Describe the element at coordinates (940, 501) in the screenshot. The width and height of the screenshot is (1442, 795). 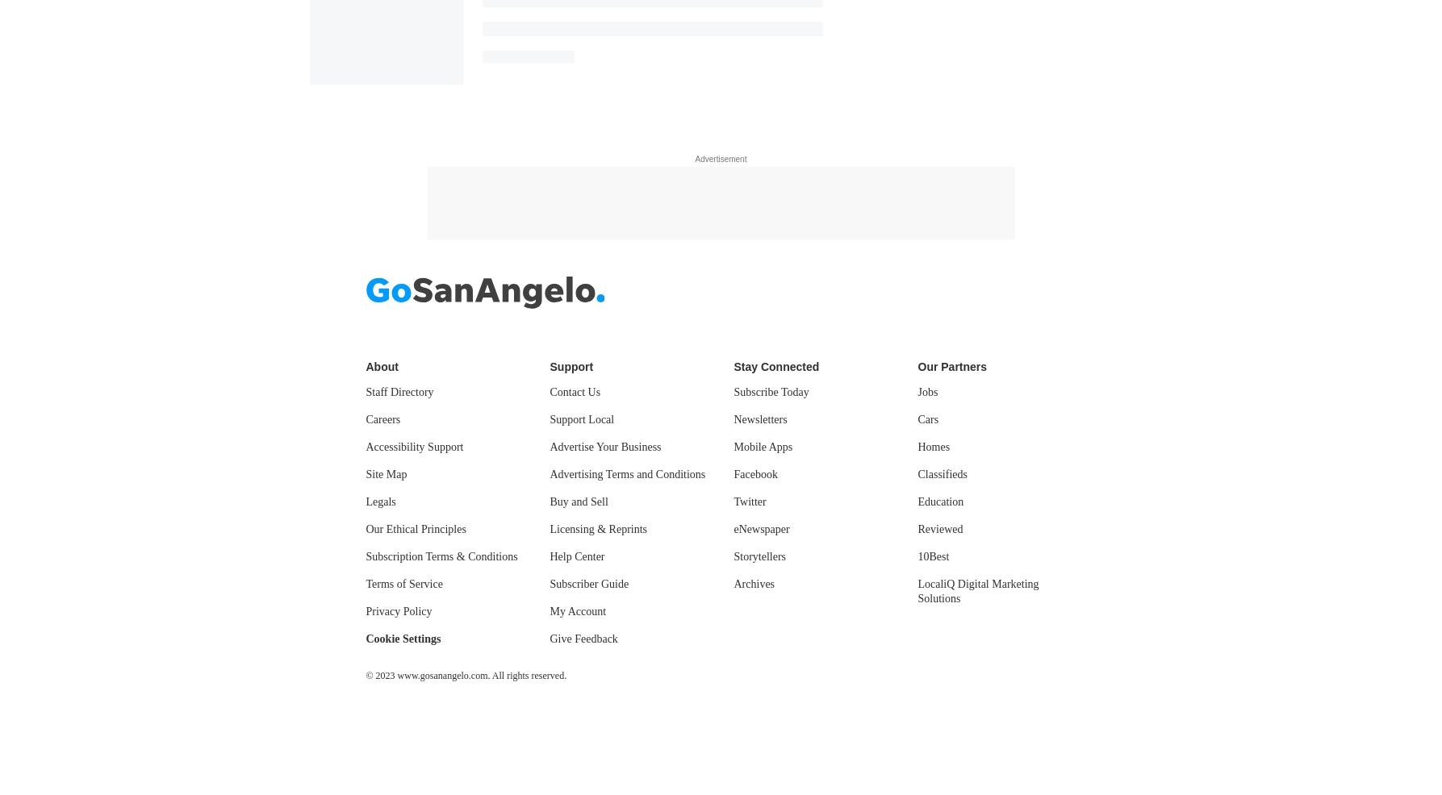
I see `'Education'` at that location.